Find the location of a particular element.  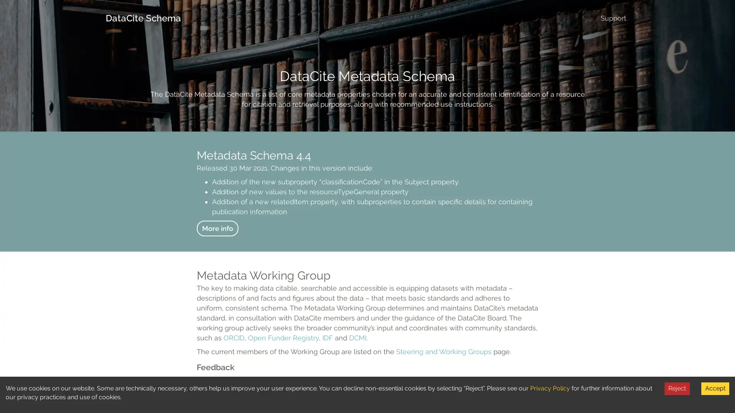

Accept cookies is located at coordinates (715, 388).